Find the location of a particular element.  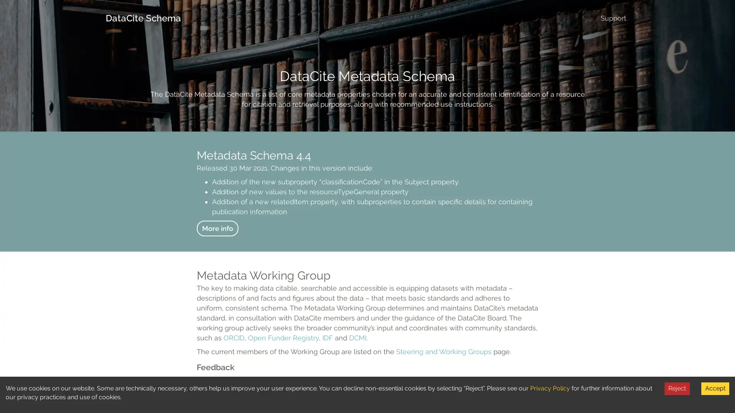

Accept cookies is located at coordinates (715, 388).